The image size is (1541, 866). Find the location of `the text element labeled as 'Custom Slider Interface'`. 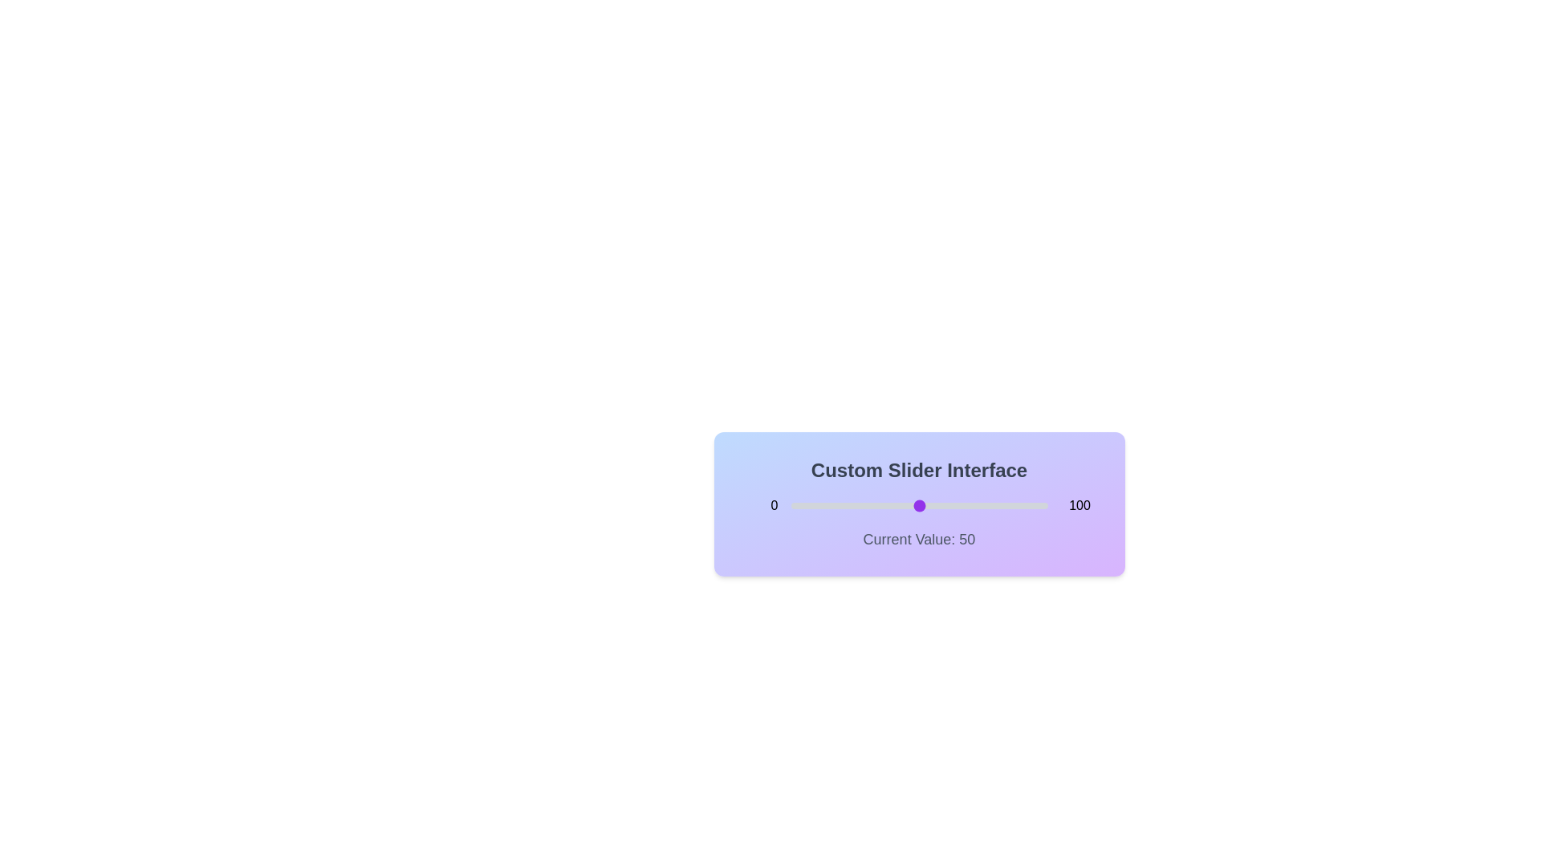

the text element labeled as 'Custom Slider Interface' is located at coordinates (919, 469).